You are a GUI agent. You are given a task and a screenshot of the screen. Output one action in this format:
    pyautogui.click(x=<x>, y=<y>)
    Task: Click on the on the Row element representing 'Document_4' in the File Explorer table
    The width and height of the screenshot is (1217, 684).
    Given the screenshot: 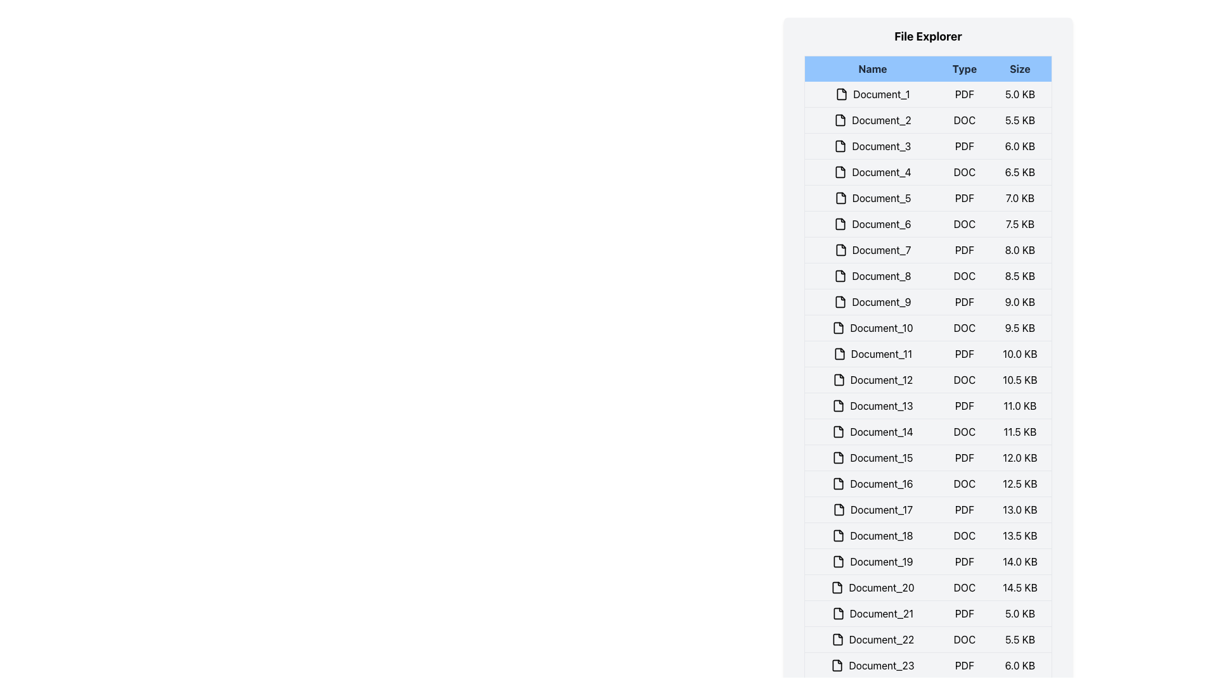 What is the action you would take?
    pyautogui.click(x=928, y=172)
    